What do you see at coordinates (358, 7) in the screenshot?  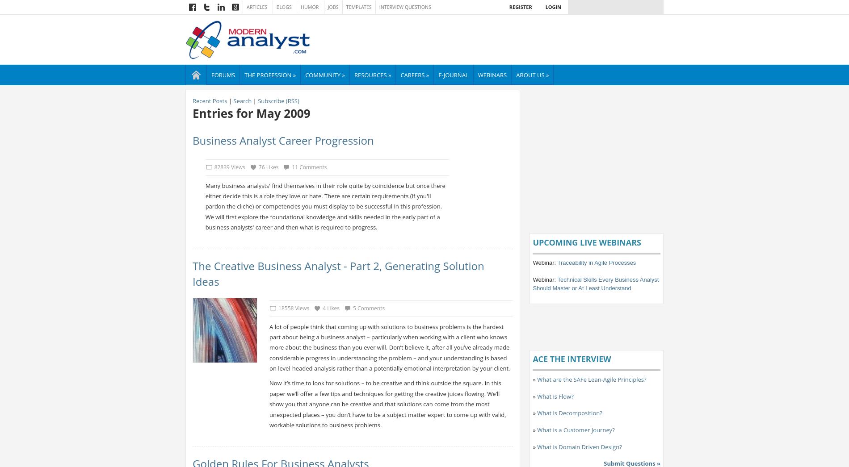 I see `'Templates'` at bounding box center [358, 7].